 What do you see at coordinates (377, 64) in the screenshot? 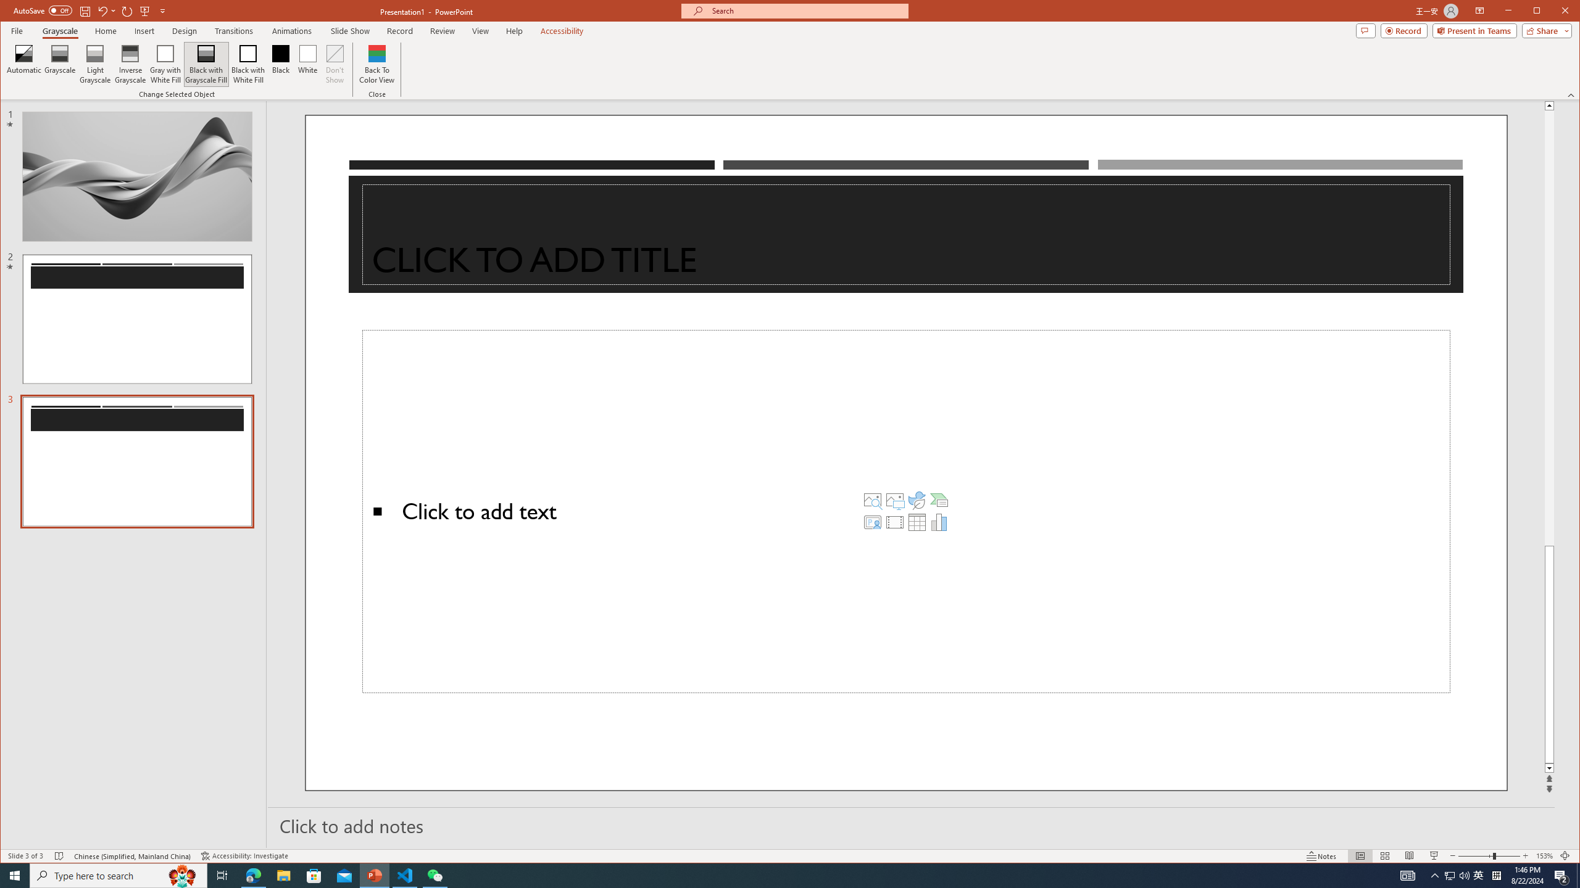
I see `'Back To Color View'` at bounding box center [377, 64].